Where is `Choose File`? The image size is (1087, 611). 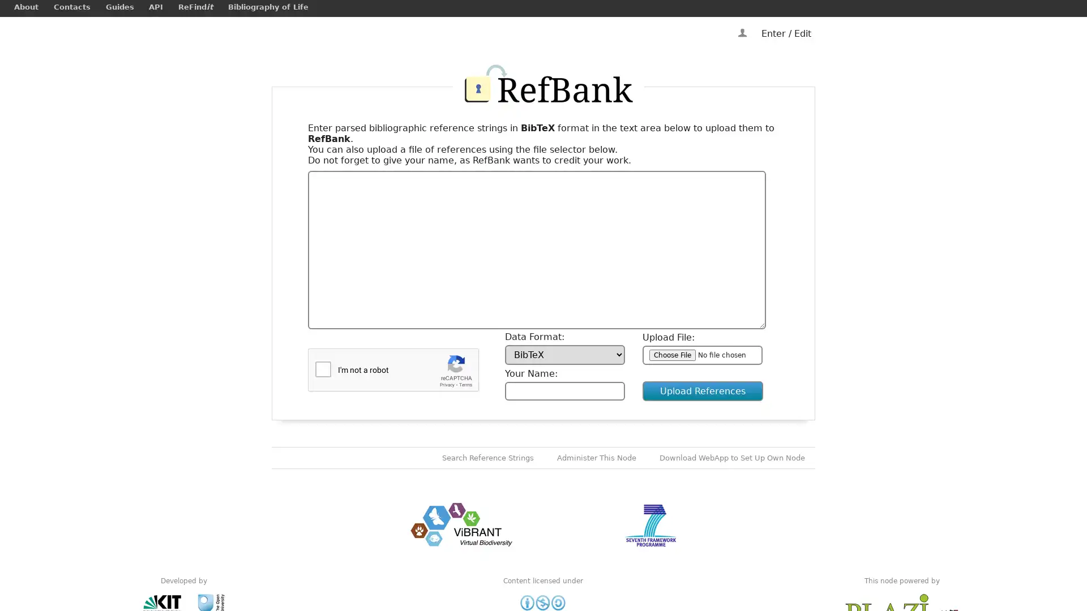 Choose File is located at coordinates (673, 354).